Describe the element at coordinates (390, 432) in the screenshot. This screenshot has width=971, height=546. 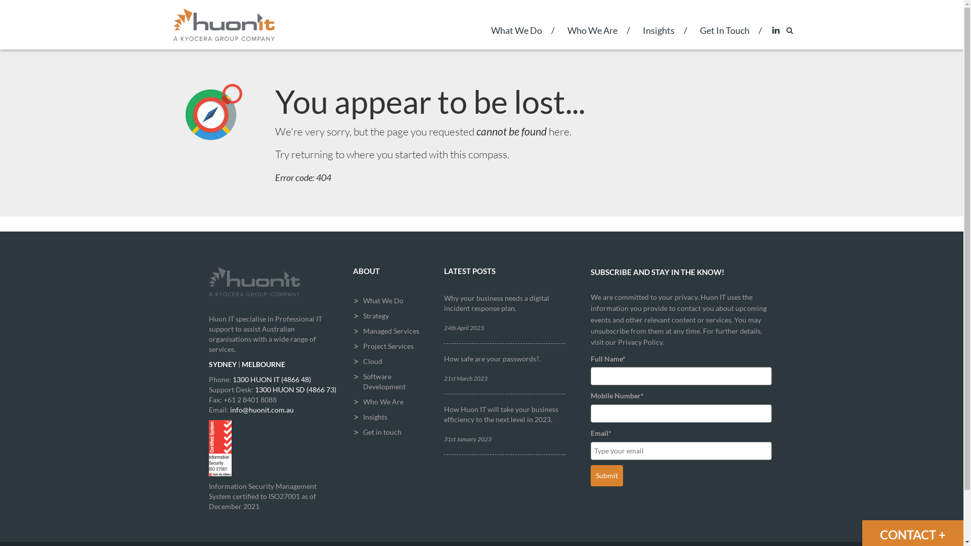
I see `'Get in touch'` at that location.